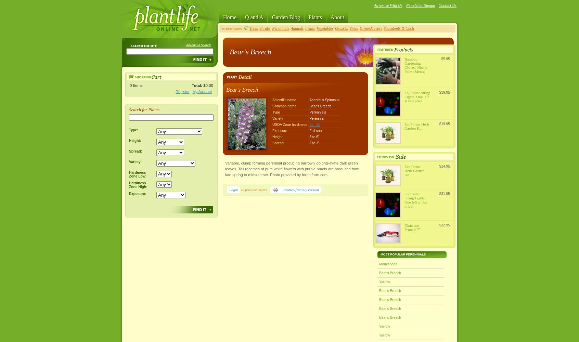 The width and height of the screenshot is (579, 342). Describe the element at coordinates (310, 28) in the screenshot. I see `'Fruits'` at that location.